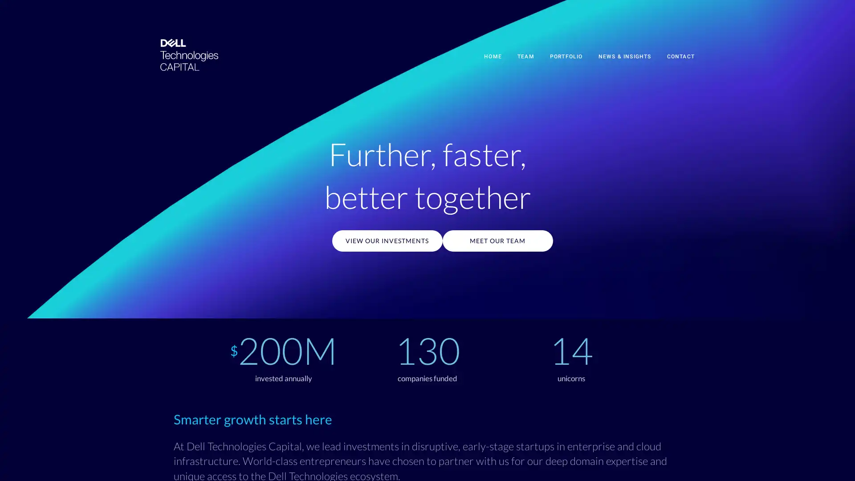  Describe the element at coordinates (483, 240) in the screenshot. I see `MEET OUR TEAM` at that location.